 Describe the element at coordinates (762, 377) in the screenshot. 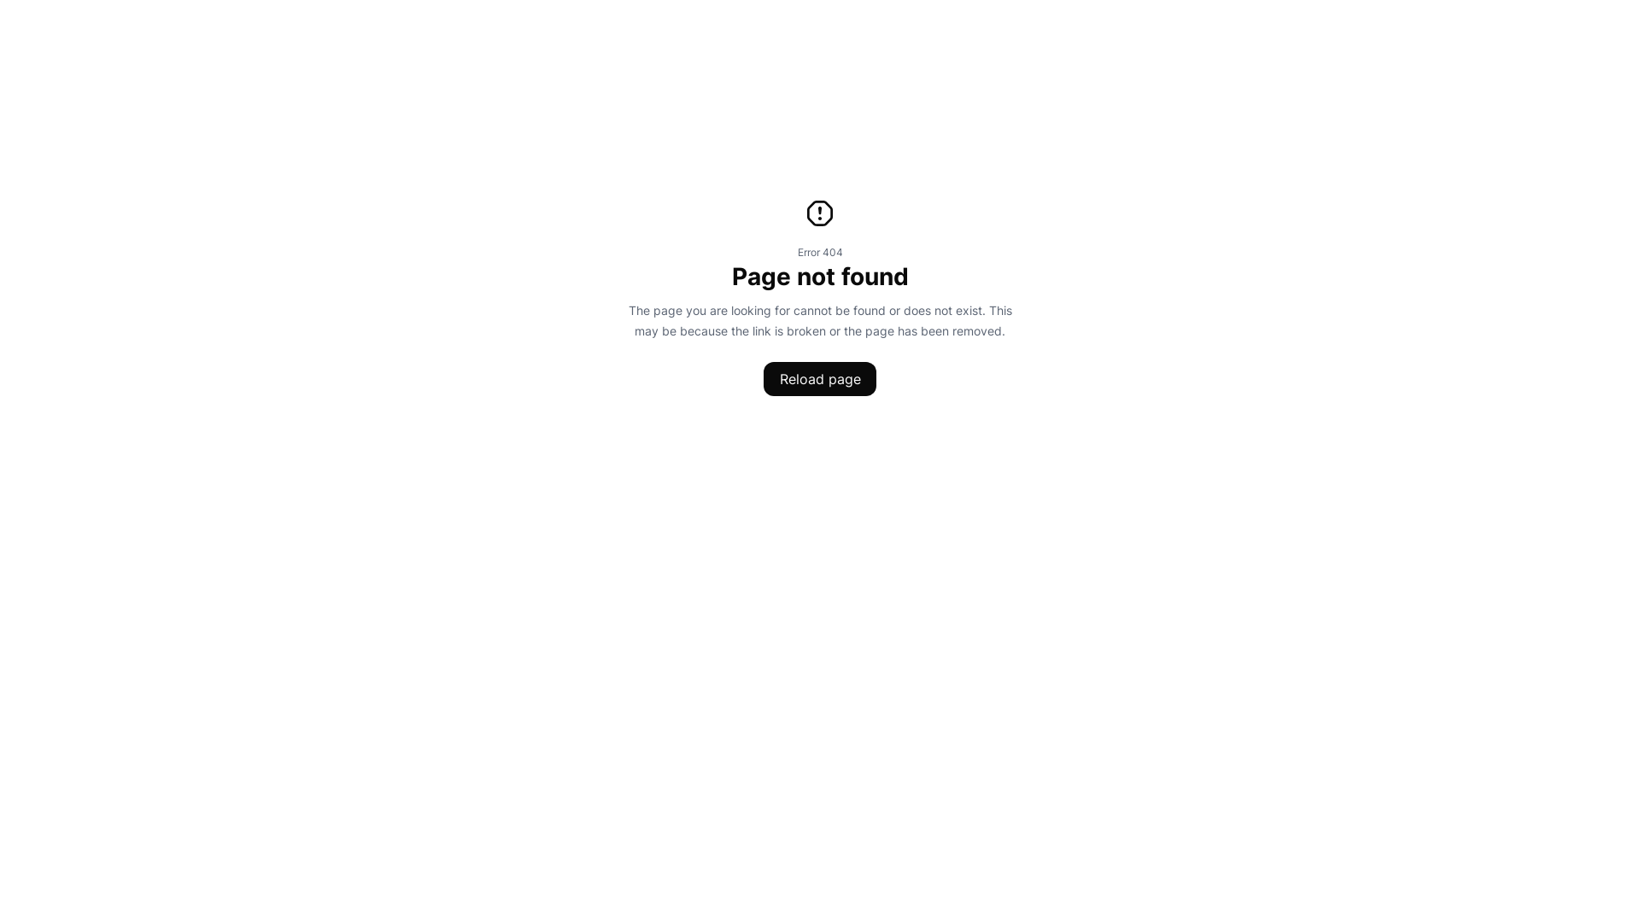

I see `'Reload page'` at that location.